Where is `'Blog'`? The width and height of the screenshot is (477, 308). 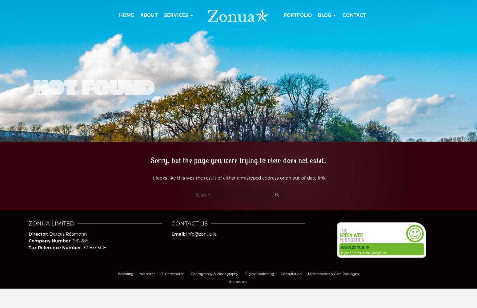 'Blog' is located at coordinates (324, 15).